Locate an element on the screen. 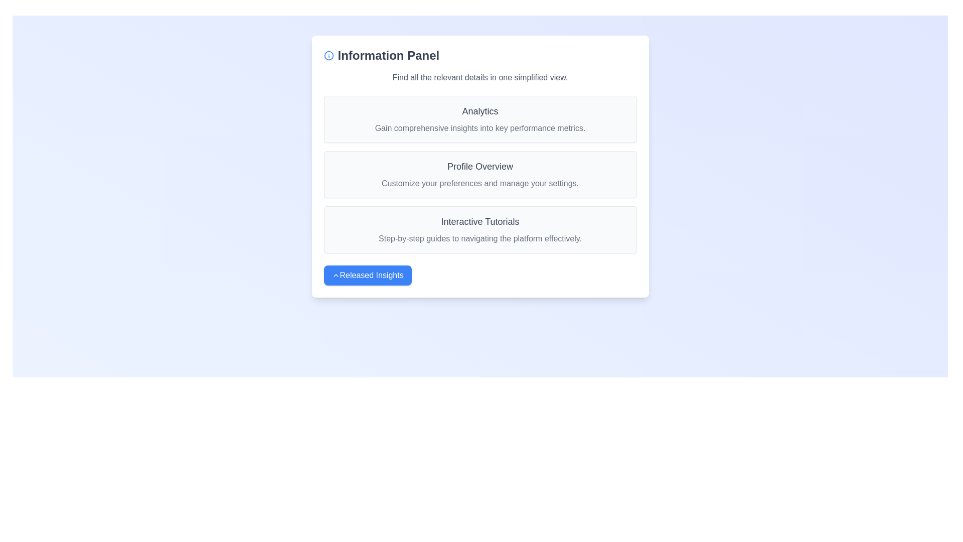 The width and height of the screenshot is (963, 542). the SVG circle element with a white interior and blue outline located to the left of the 'Information Panel' text in the top section of the information panel is located at coordinates (329, 56).